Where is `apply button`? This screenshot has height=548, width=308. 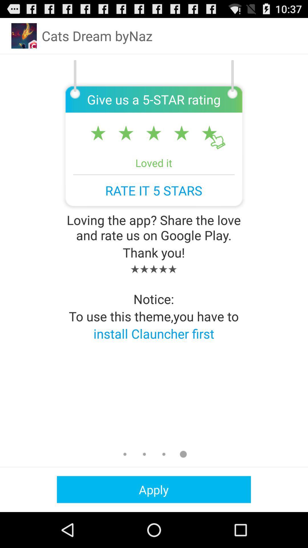 apply button is located at coordinates (153, 489).